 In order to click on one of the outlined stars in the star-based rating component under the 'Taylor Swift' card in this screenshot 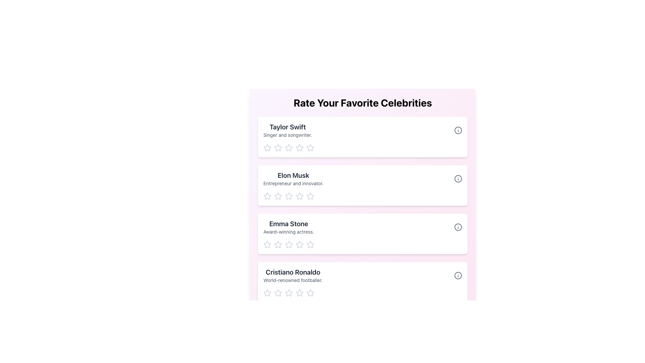, I will do `click(362, 145)`.